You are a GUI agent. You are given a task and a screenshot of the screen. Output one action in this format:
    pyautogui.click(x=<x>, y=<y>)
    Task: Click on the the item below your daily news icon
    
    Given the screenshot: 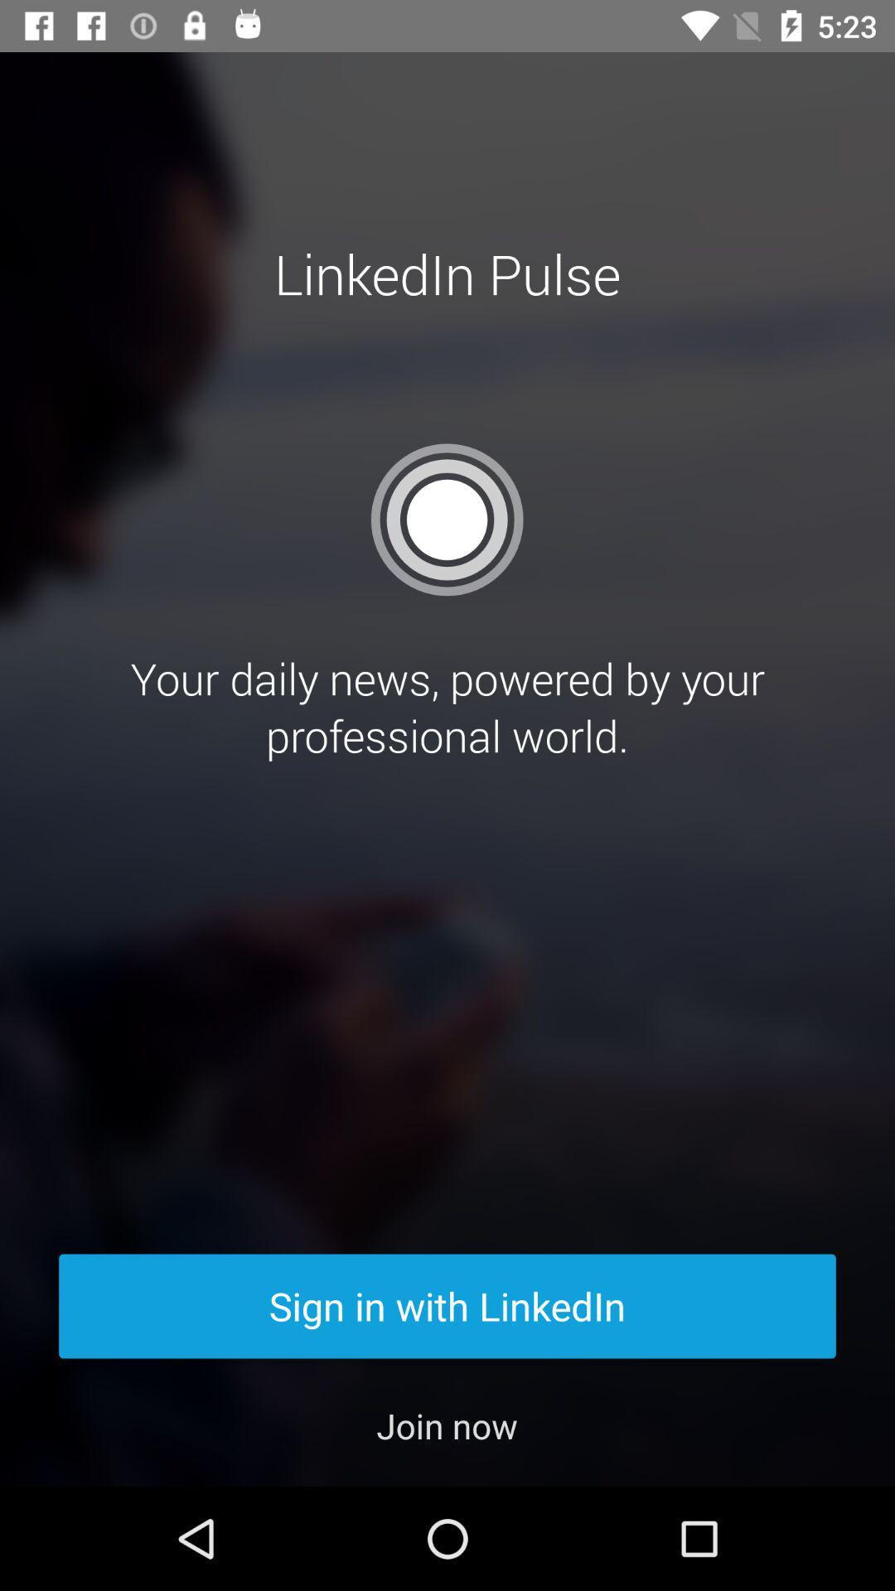 What is the action you would take?
    pyautogui.click(x=447, y=1305)
    